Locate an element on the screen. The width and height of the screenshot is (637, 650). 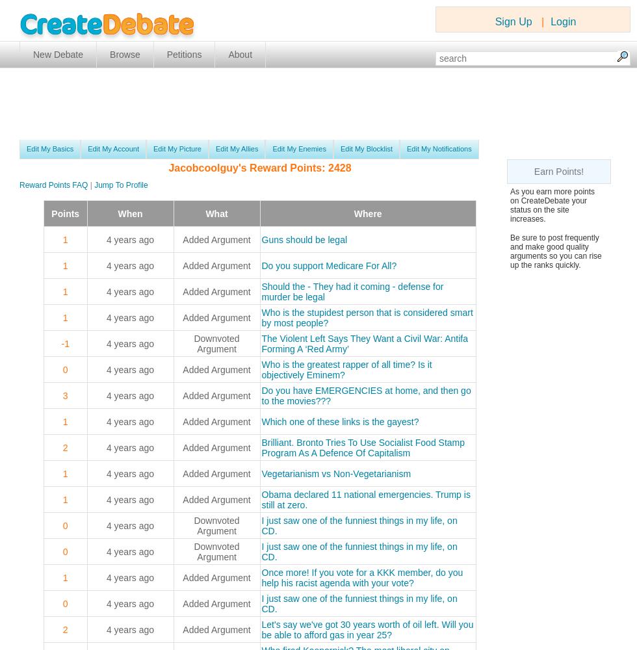
'Do you have EMERGENCIES at home, and then go to the movies???' is located at coordinates (366, 395).